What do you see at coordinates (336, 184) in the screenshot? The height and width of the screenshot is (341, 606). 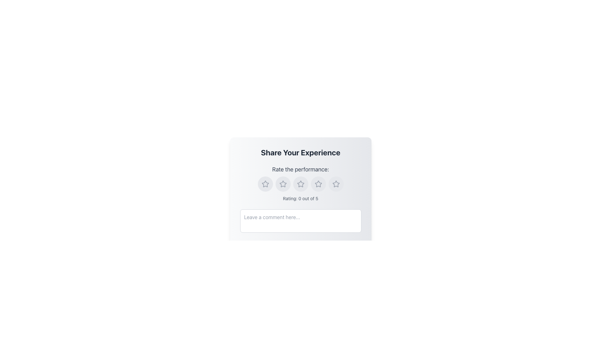 I see `the fifth star in the rating system` at bounding box center [336, 184].